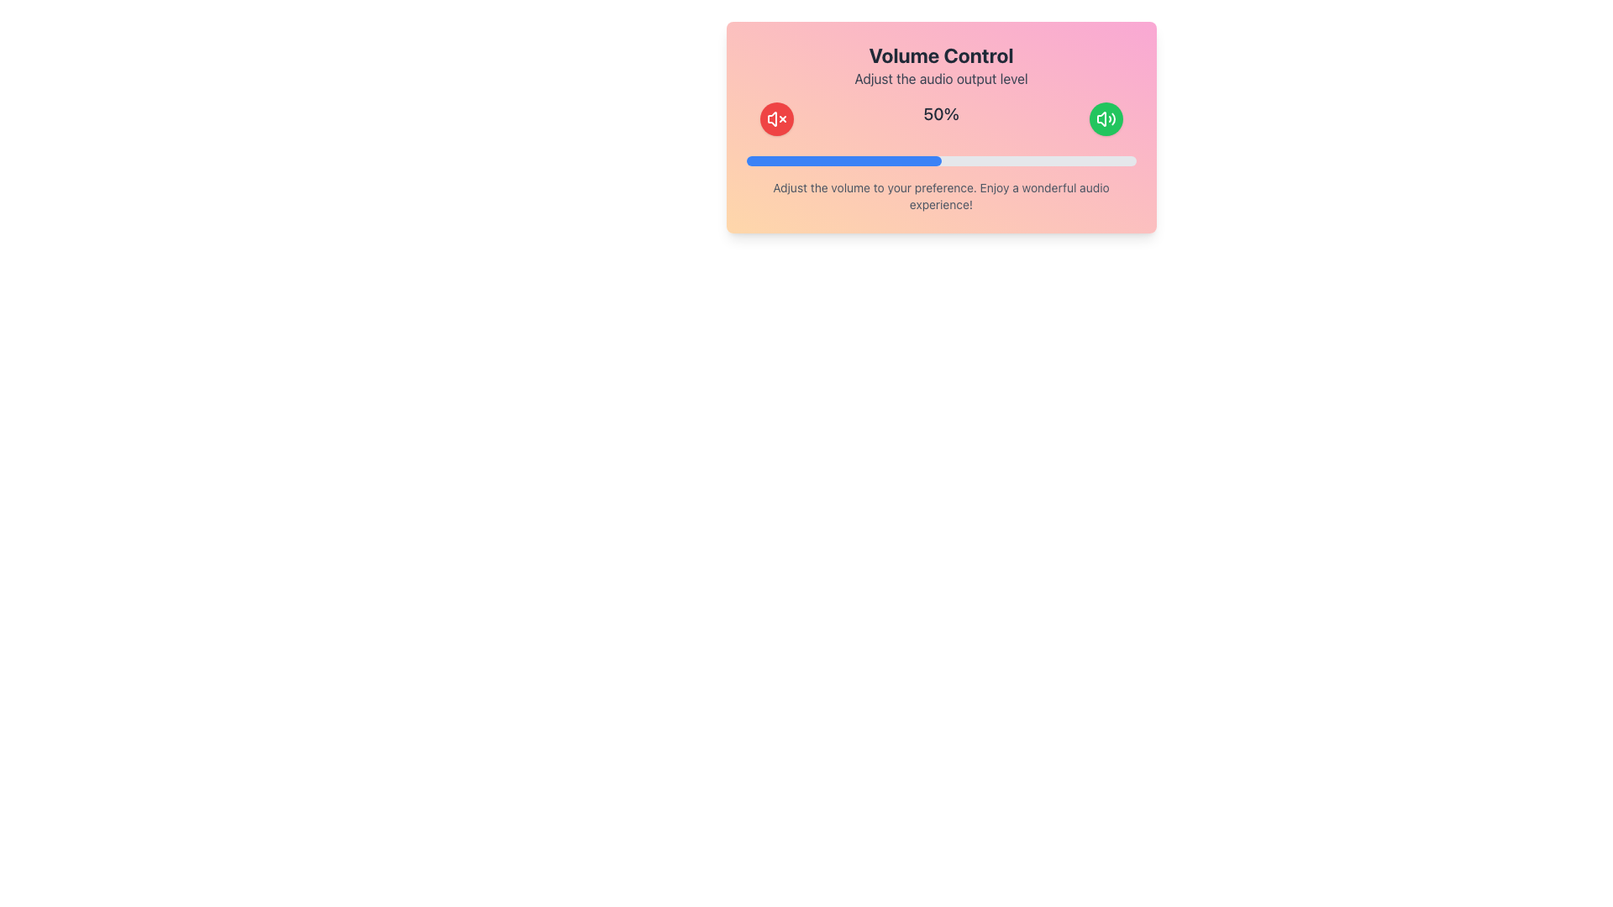  What do you see at coordinates (775, 118) in the screenshot?
I see `the circular red mute button with a white speaker icon and 'x'` at bounding box center [775, 118].